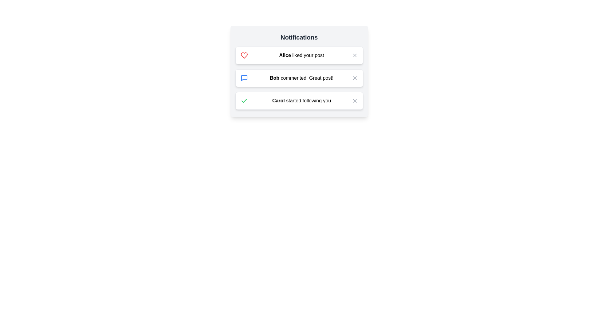  What do you see at coordinates (299, 100) in the screenshot?
I see `the third notification card that informs the user 'Carol started following' them in the Notifications section` at bounding box center [299, 100].